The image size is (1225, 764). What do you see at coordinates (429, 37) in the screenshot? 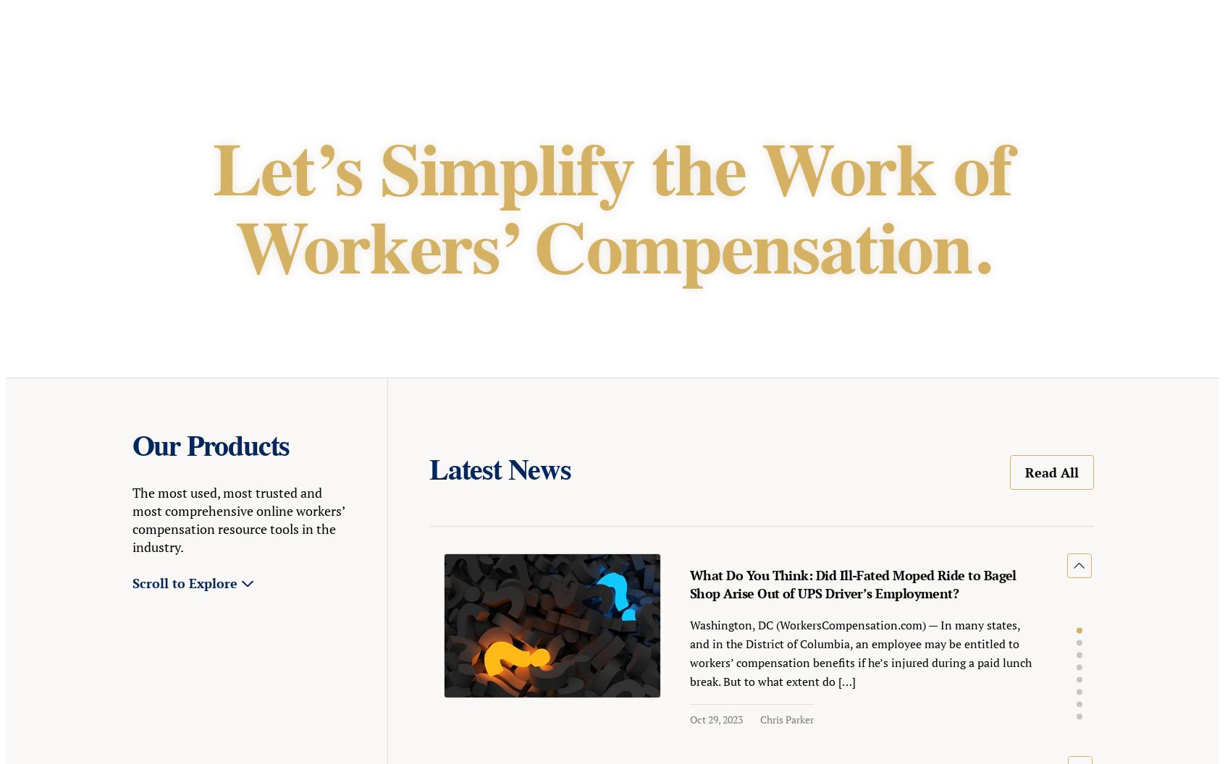
I see `'State Info'` at bounding box center [429, 37].